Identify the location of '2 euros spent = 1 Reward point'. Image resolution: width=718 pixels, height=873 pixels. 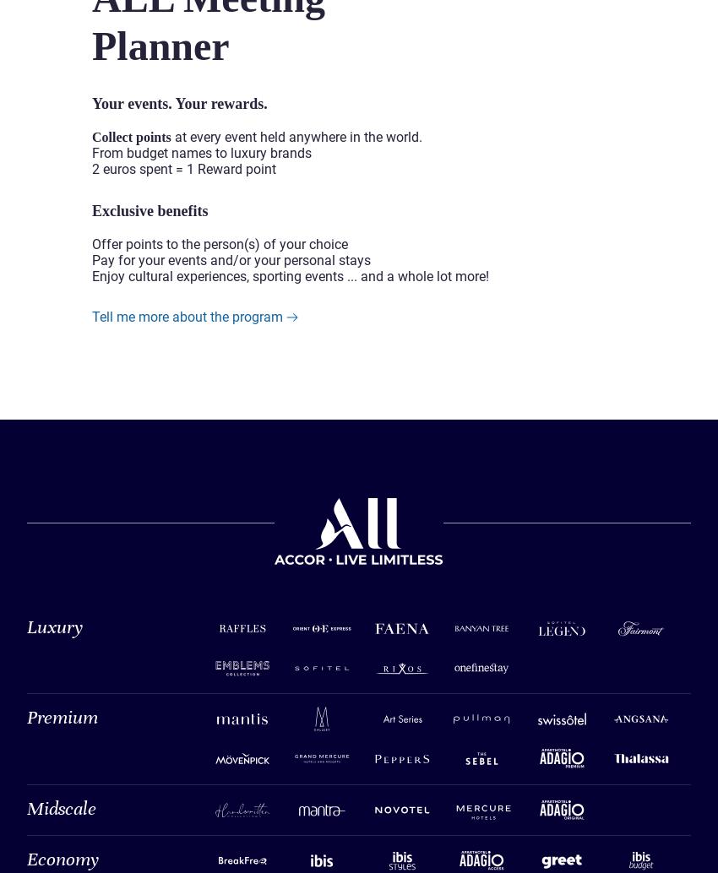
(184, 168).